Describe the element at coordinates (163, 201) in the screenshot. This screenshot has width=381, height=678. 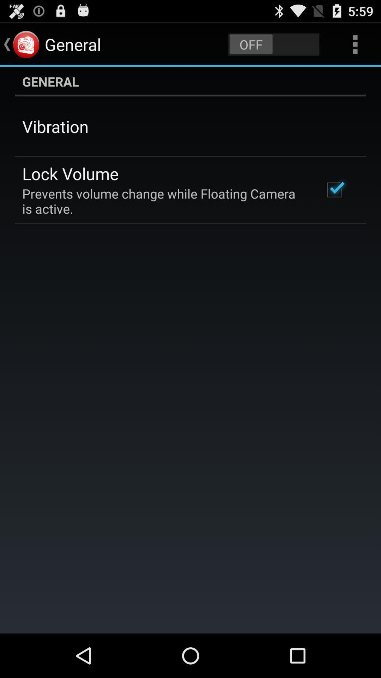
I see `prevents volume change` at that location.